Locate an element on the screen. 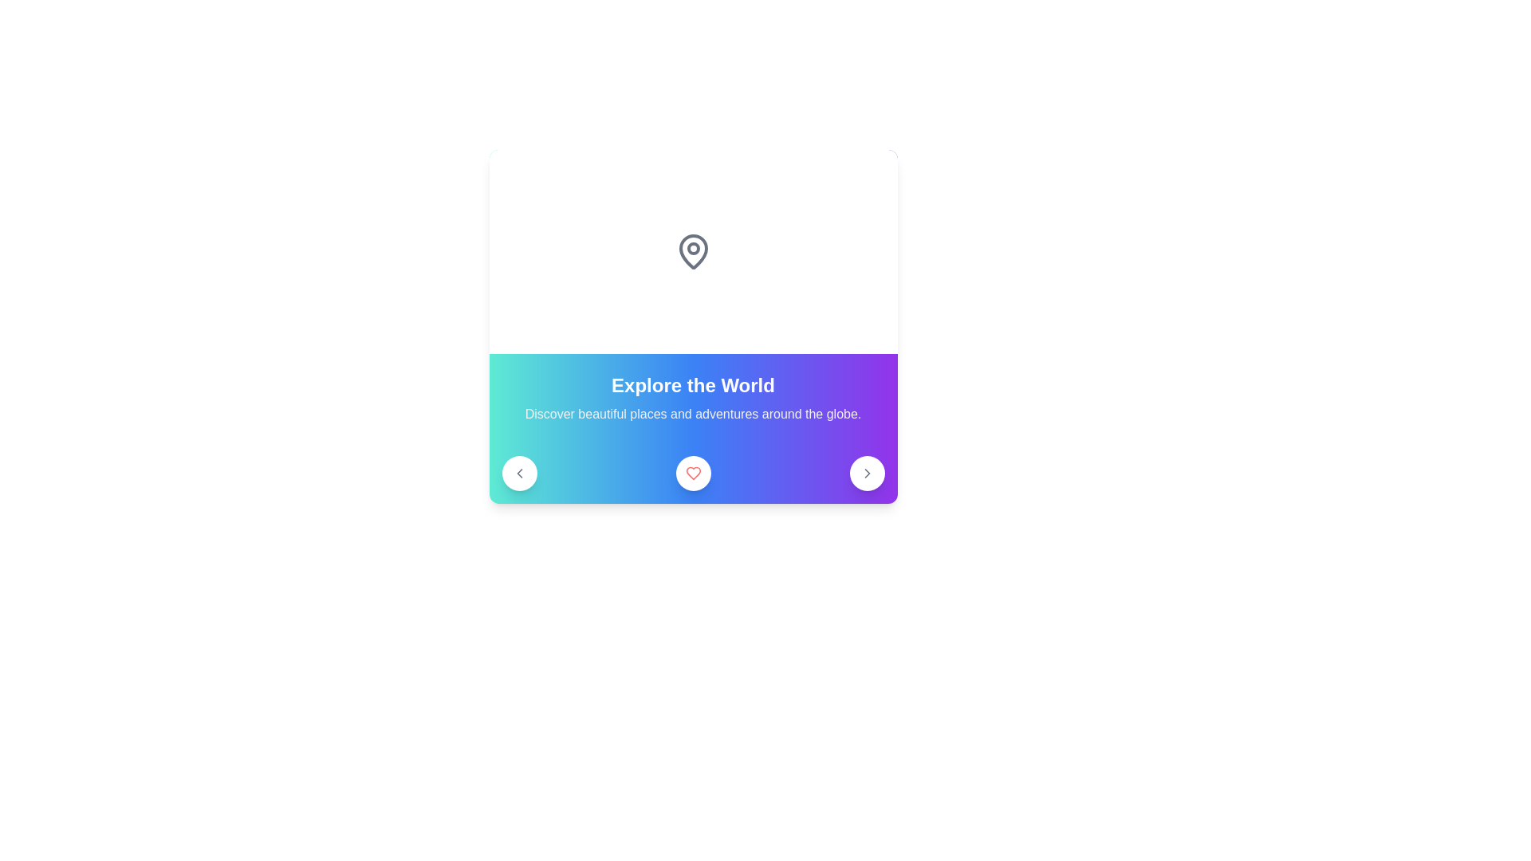 Image resolution: width=1531 pixels, height=861 pixels. the gray pin icon that resembles a location pin, which is centrally located above the text 'Explore the World' is located at coordinates (693, 251).